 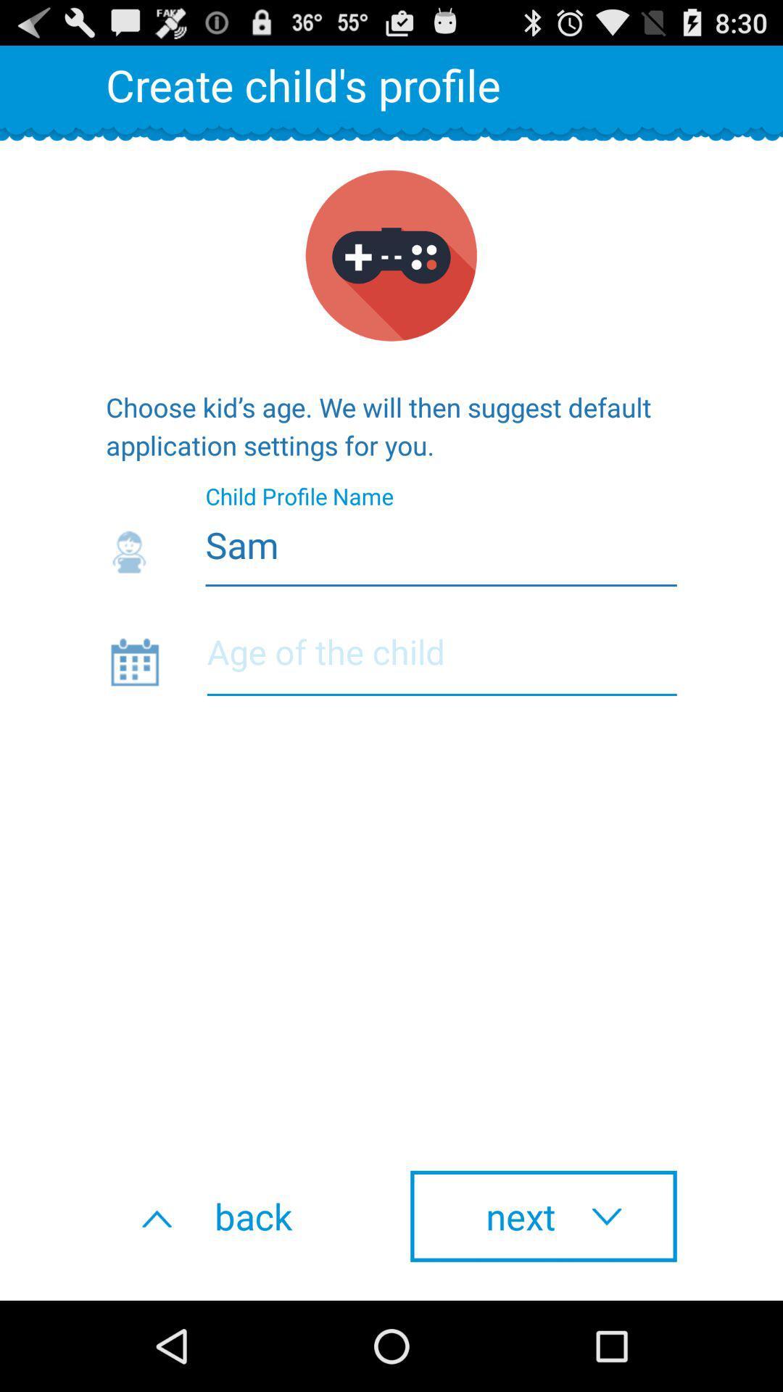 I want to click on the item next to back button, so click(x=543, y=1216).